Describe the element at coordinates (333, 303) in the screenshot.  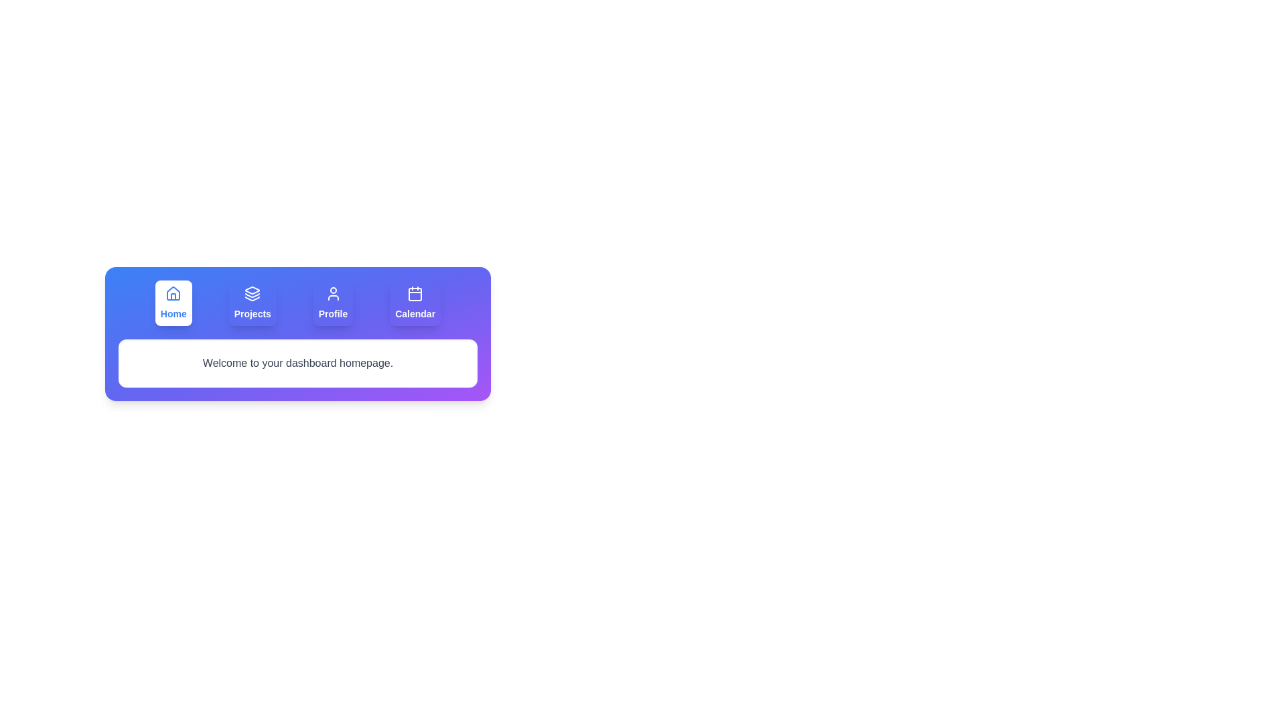
I see `the tab button labeled Profile` at that location.